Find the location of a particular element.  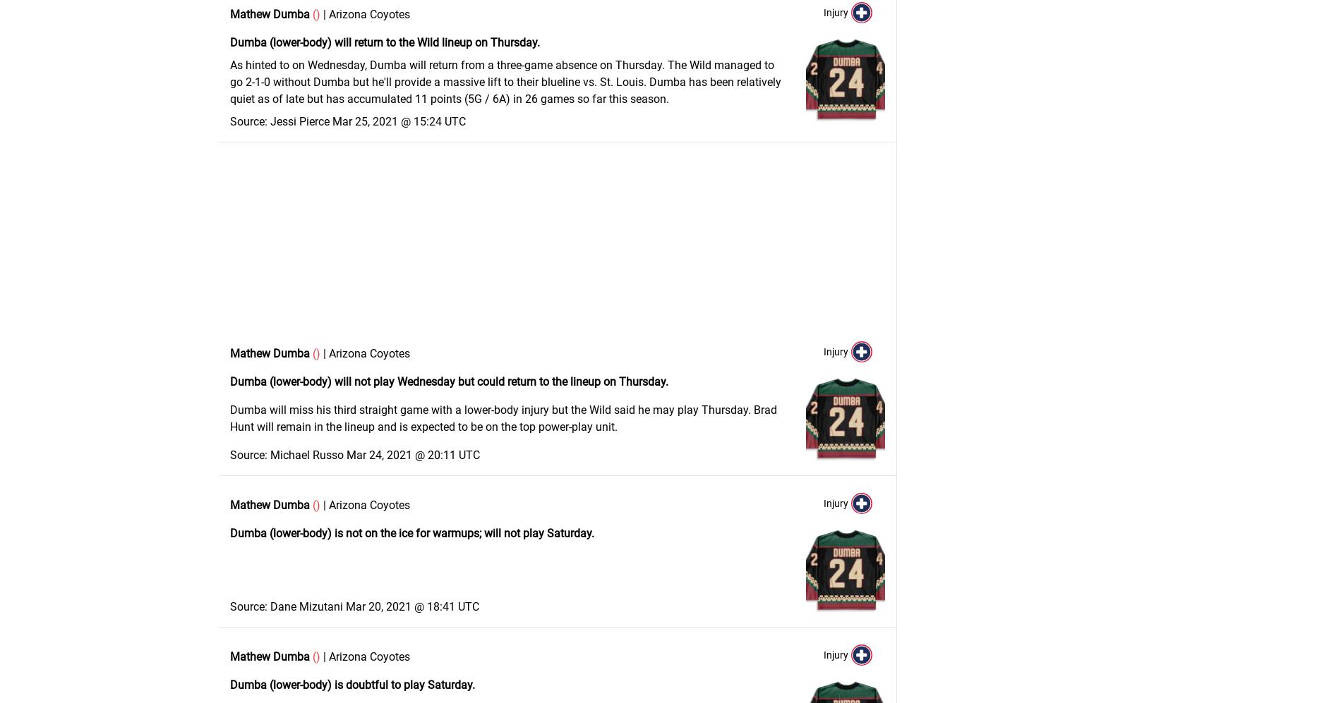

'Mar 24, 2021 @ 20:11 UTC' is located at coordinates (413, 455).